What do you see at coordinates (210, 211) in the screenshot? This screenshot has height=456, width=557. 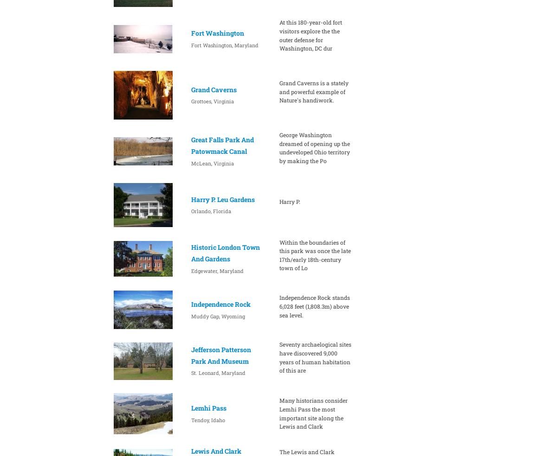 I see `'Orlando, Florida'` at bounding box center [210, 211].